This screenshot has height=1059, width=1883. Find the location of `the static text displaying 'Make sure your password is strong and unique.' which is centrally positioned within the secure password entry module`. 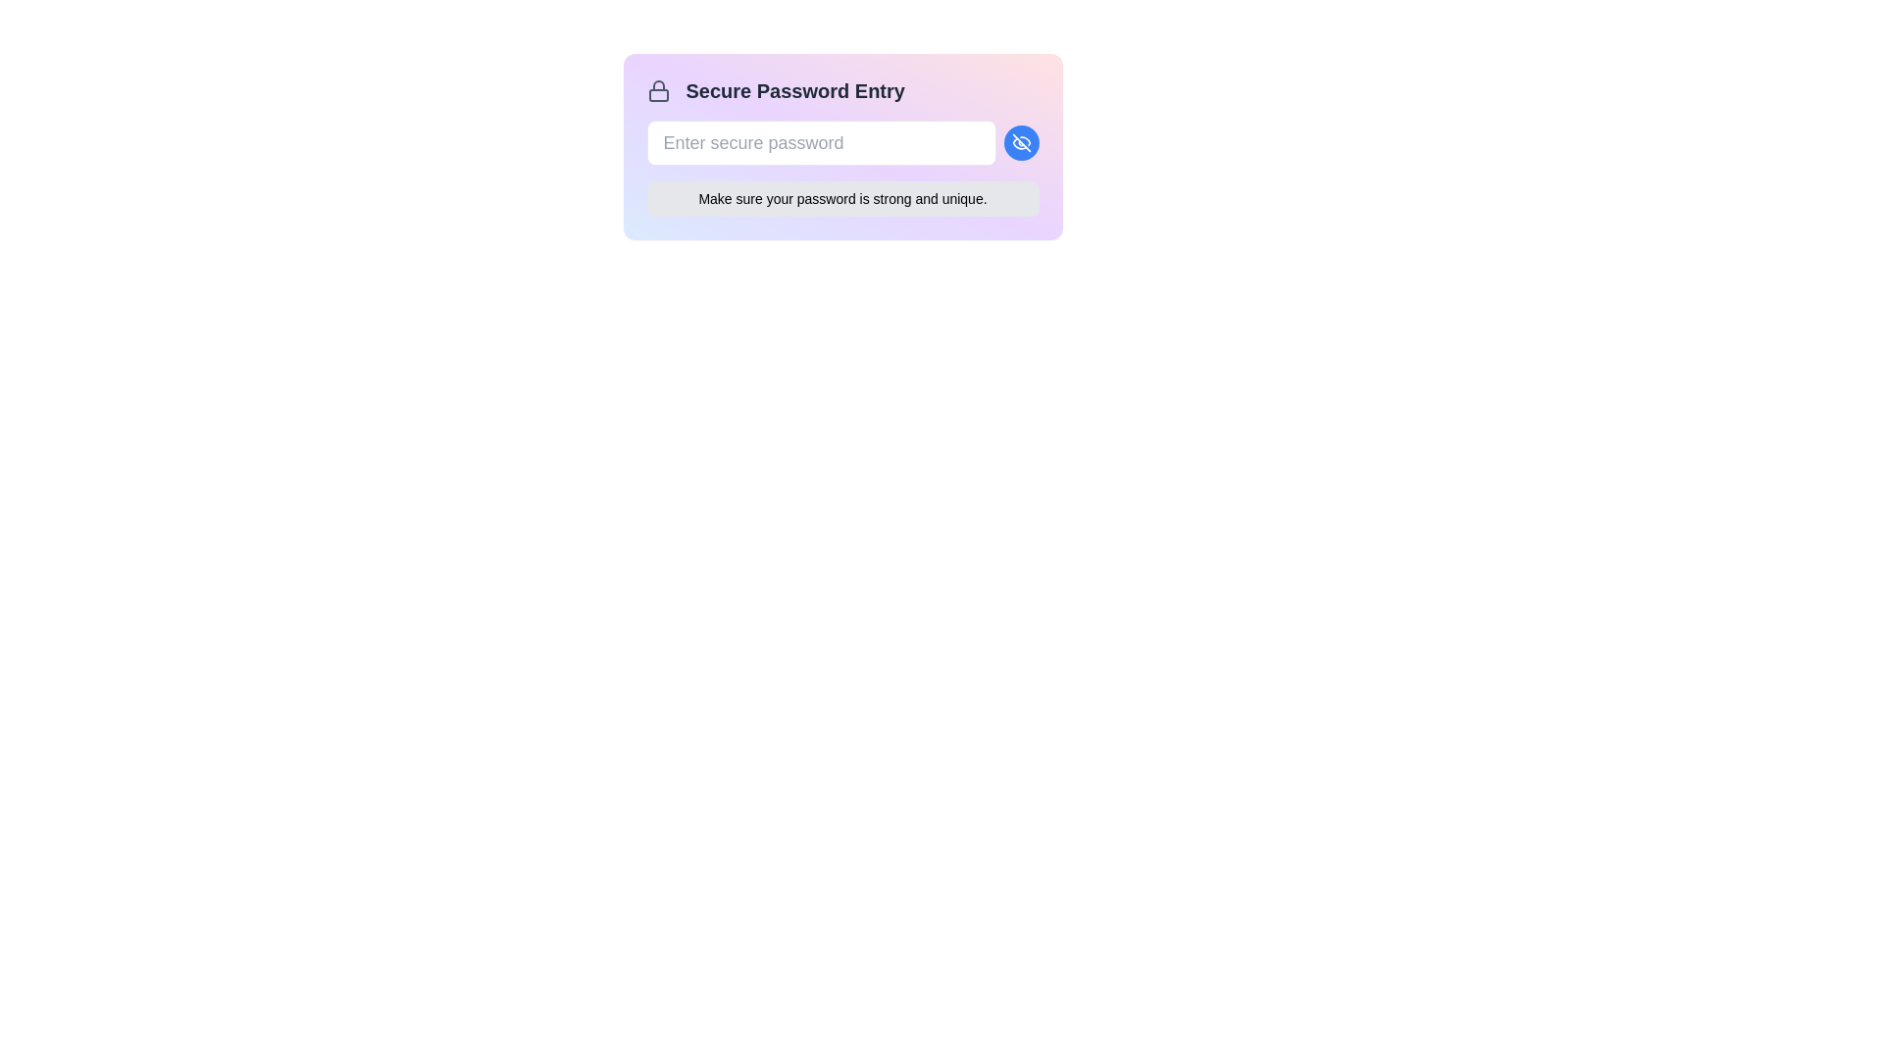

the static text displaying 'Make sure your password is strong and unique.' which is centrally positioned within the secure password entry module is located at coordinates (842, 199).